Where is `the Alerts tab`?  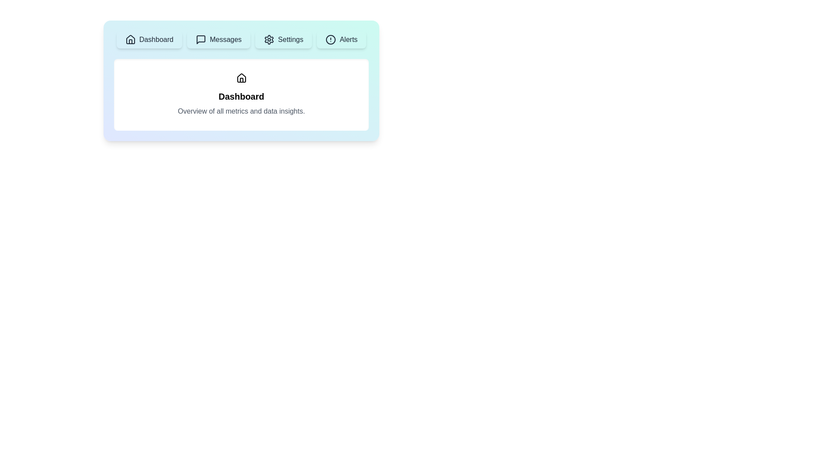
the Alerts tab is located at coordinates (341, 40).